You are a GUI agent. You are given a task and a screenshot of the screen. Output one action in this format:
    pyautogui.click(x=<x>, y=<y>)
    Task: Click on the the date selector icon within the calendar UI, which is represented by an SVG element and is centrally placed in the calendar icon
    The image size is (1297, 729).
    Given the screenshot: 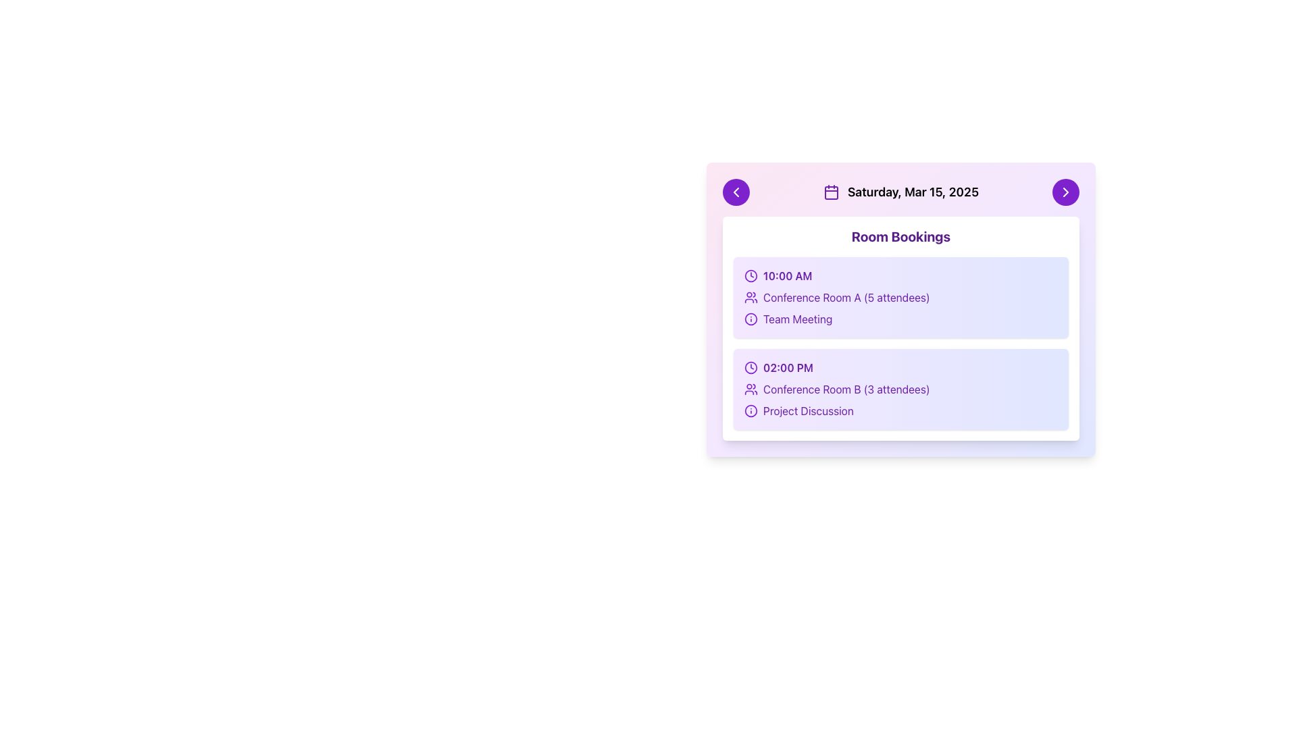 What is the action you would take?
    pyautogui.click(x=830, y=192)
    